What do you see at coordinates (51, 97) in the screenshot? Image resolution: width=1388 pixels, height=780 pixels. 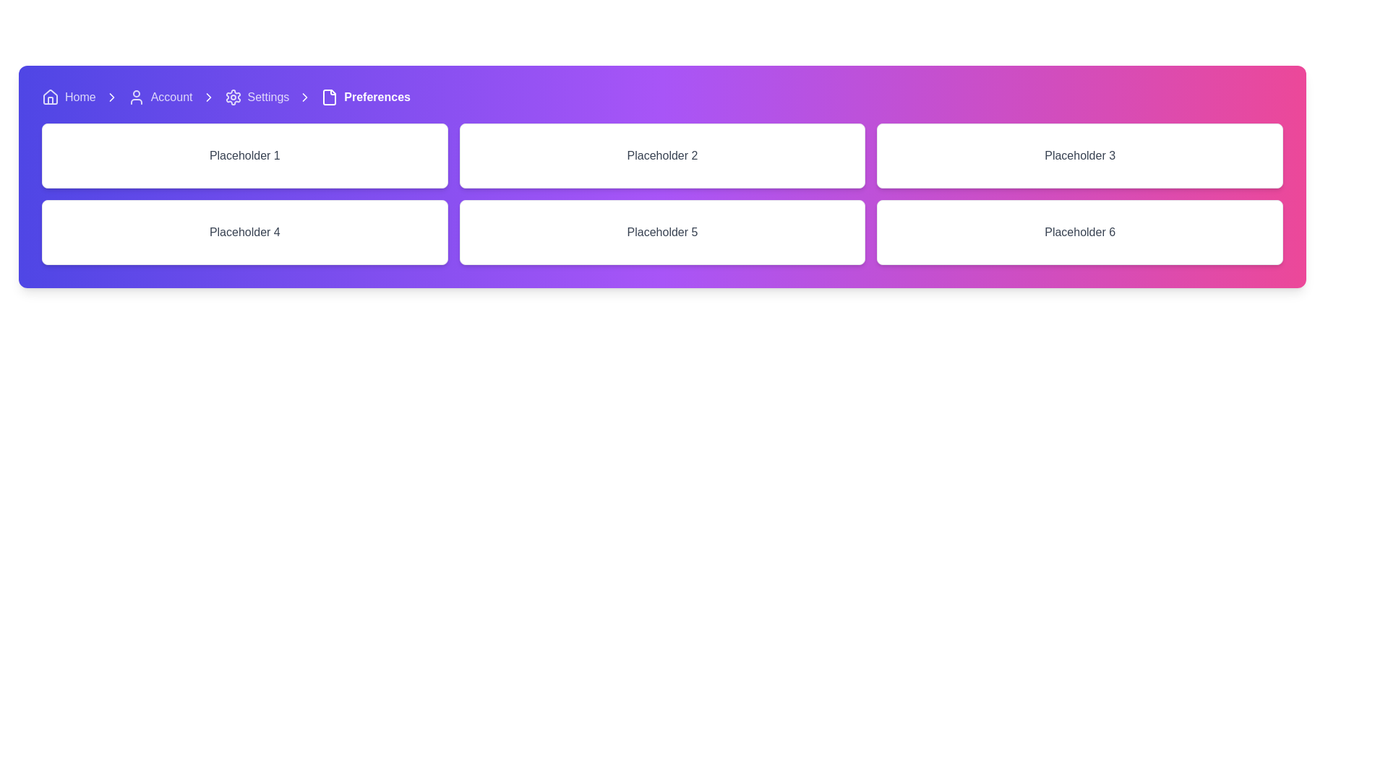 I see `the home icon located at the leftmost side of the navigation bar` at bounding box center [51, 97].